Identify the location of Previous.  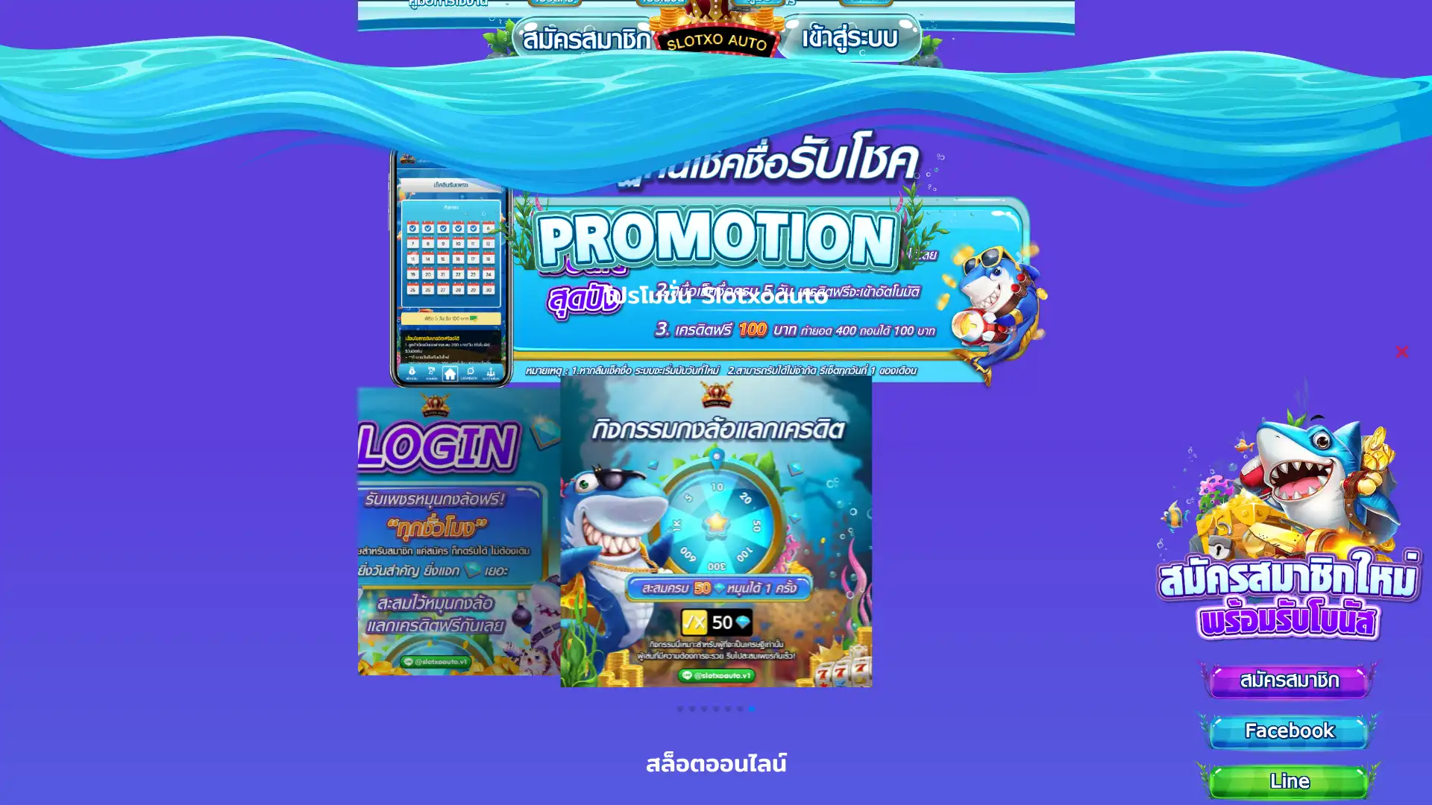
(411, 257).